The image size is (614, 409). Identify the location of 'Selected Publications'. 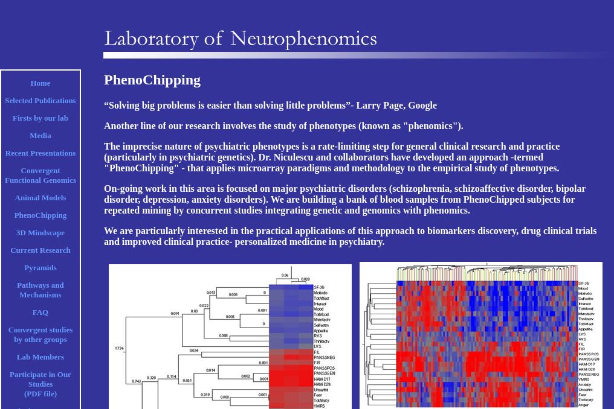
(40, 100).